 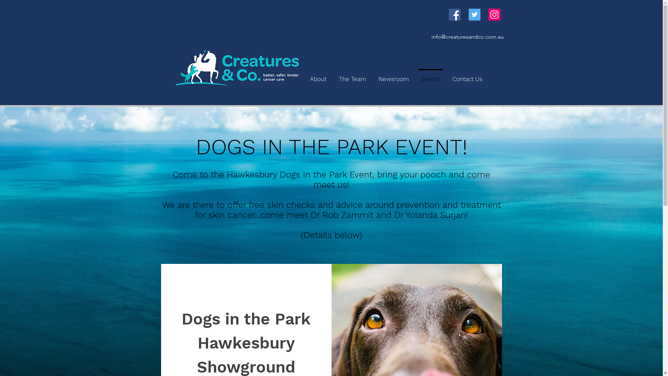 I want to click on 'Contact Us', so click(x=467, y=76).